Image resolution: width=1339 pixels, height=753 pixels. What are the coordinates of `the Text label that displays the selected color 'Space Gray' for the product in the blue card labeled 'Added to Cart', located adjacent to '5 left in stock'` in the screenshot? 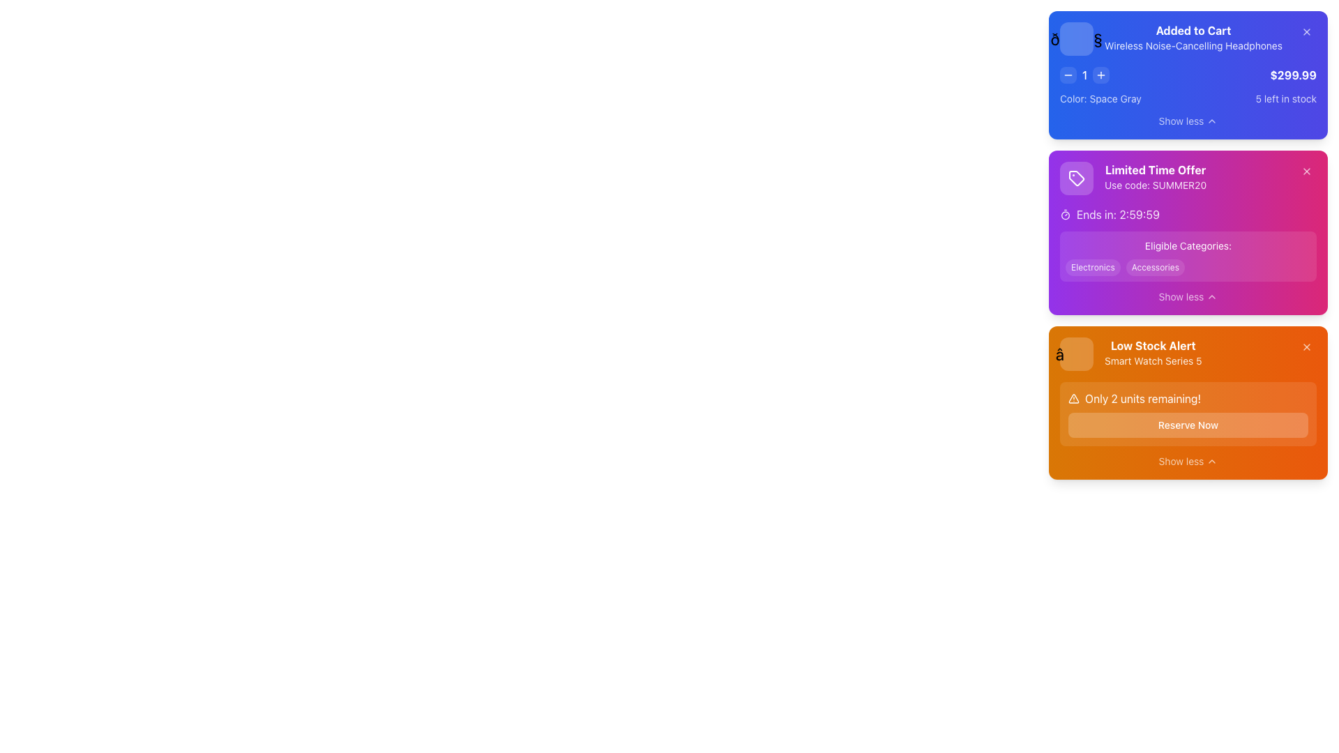 It's located at (1100, 98).